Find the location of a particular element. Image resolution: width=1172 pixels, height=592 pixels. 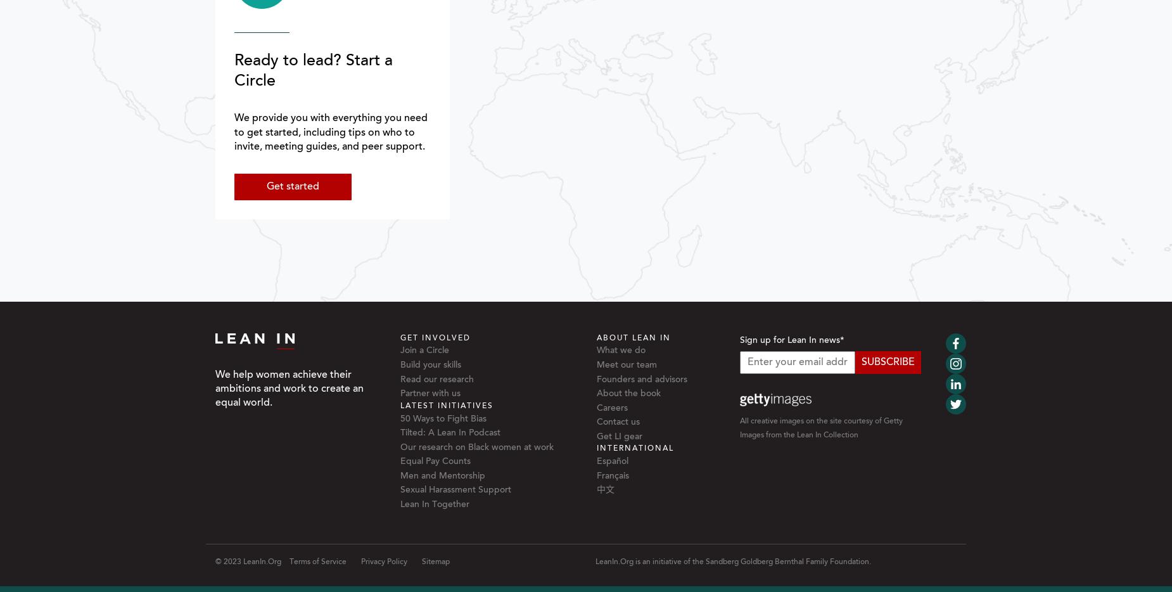

'Sitemap' is located at coordinates (422, 560).